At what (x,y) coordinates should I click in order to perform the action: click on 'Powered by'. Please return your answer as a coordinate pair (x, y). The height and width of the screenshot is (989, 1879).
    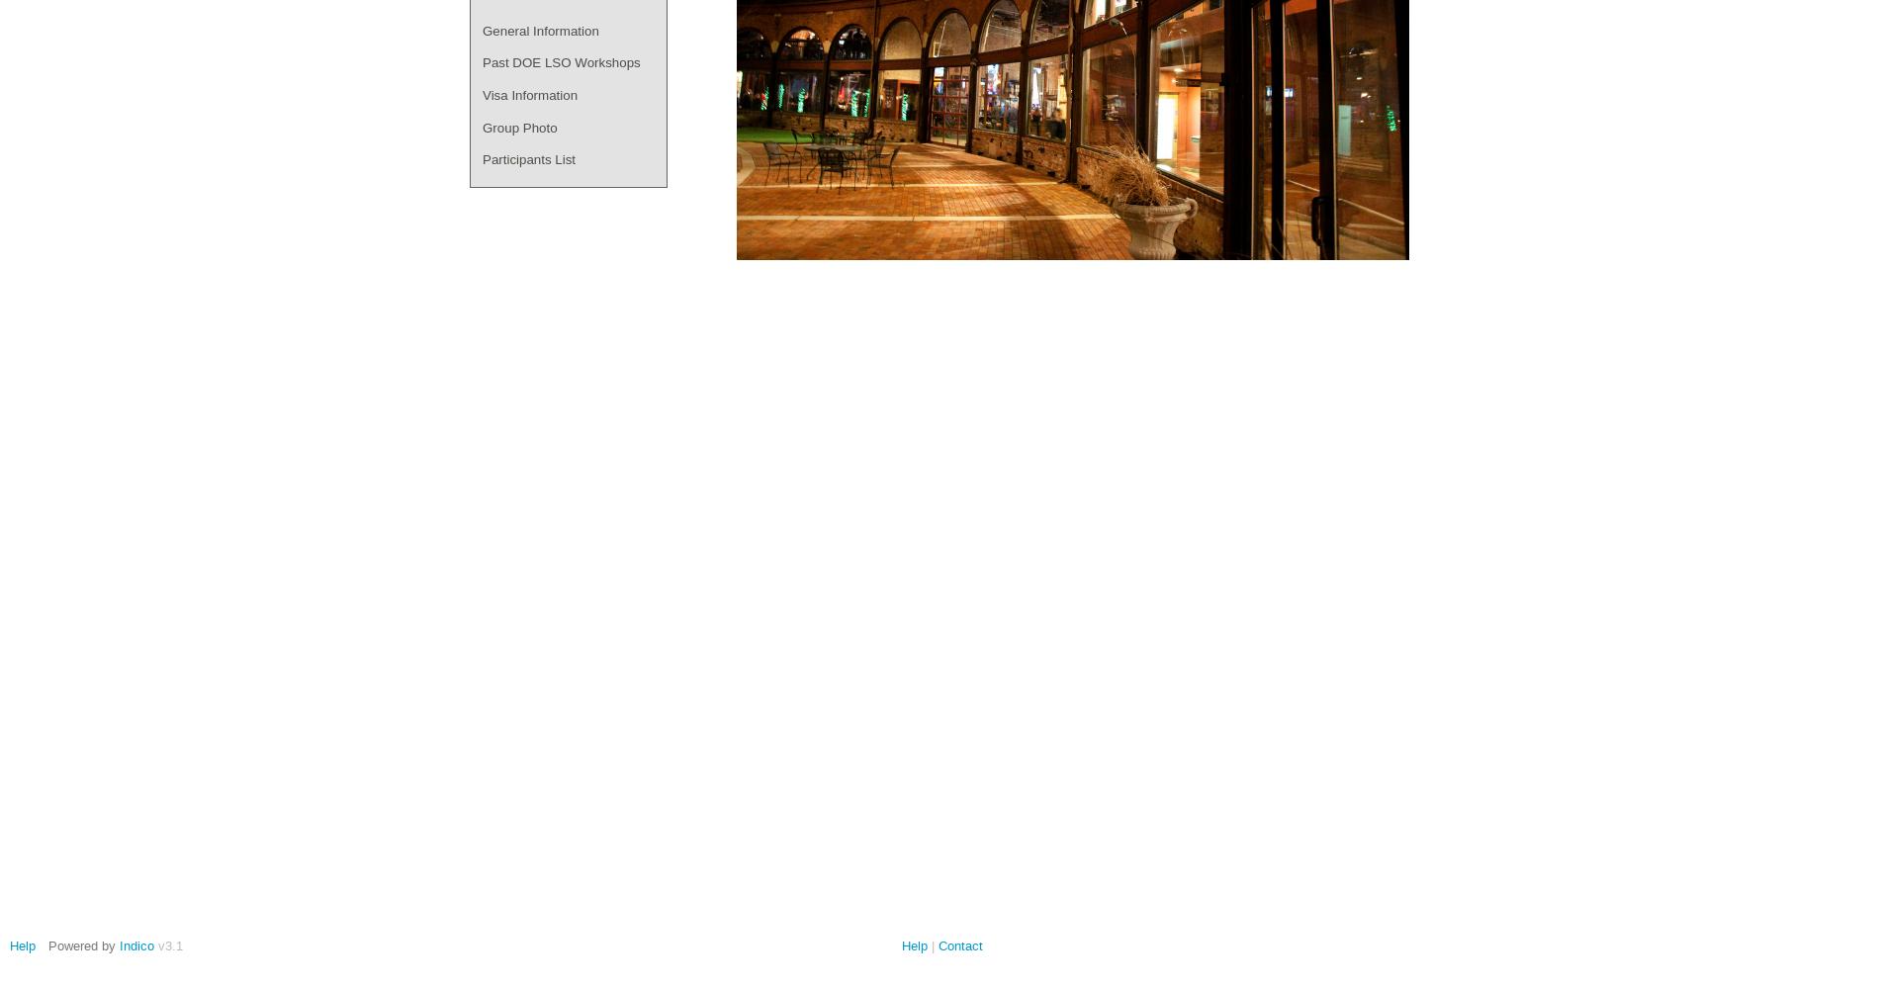
    Looking at the image, I should click on (83, 944).